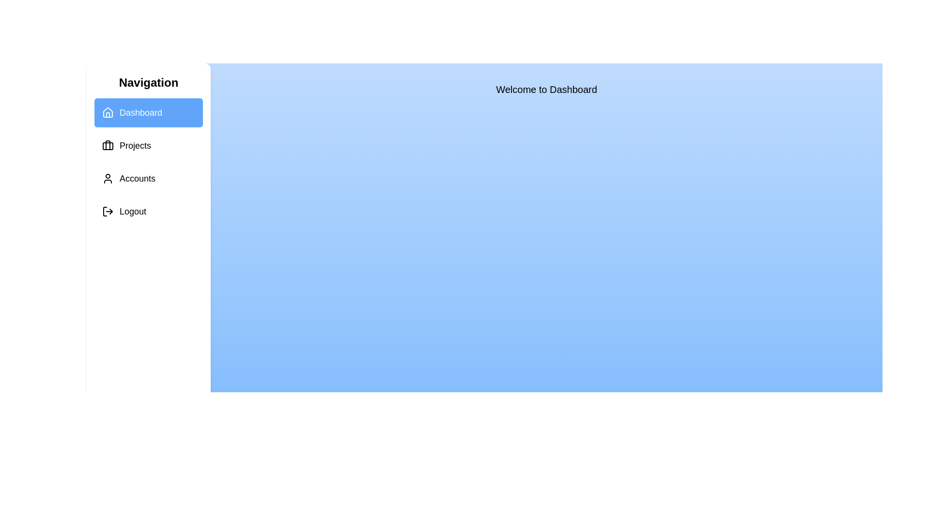  What do you see at coordinates (148, 145) in the screenshot?
I see `the menu item Projects to navigate to the corresponding section` at bounding box center [148, 145].